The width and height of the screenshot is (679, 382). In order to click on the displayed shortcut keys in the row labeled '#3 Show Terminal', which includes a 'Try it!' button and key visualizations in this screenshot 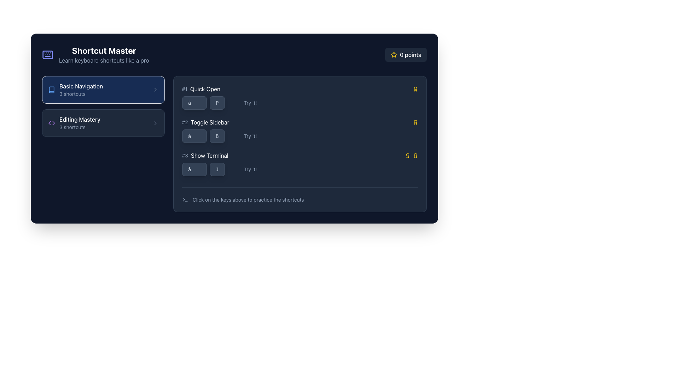, I will do `click(300, 163)`.